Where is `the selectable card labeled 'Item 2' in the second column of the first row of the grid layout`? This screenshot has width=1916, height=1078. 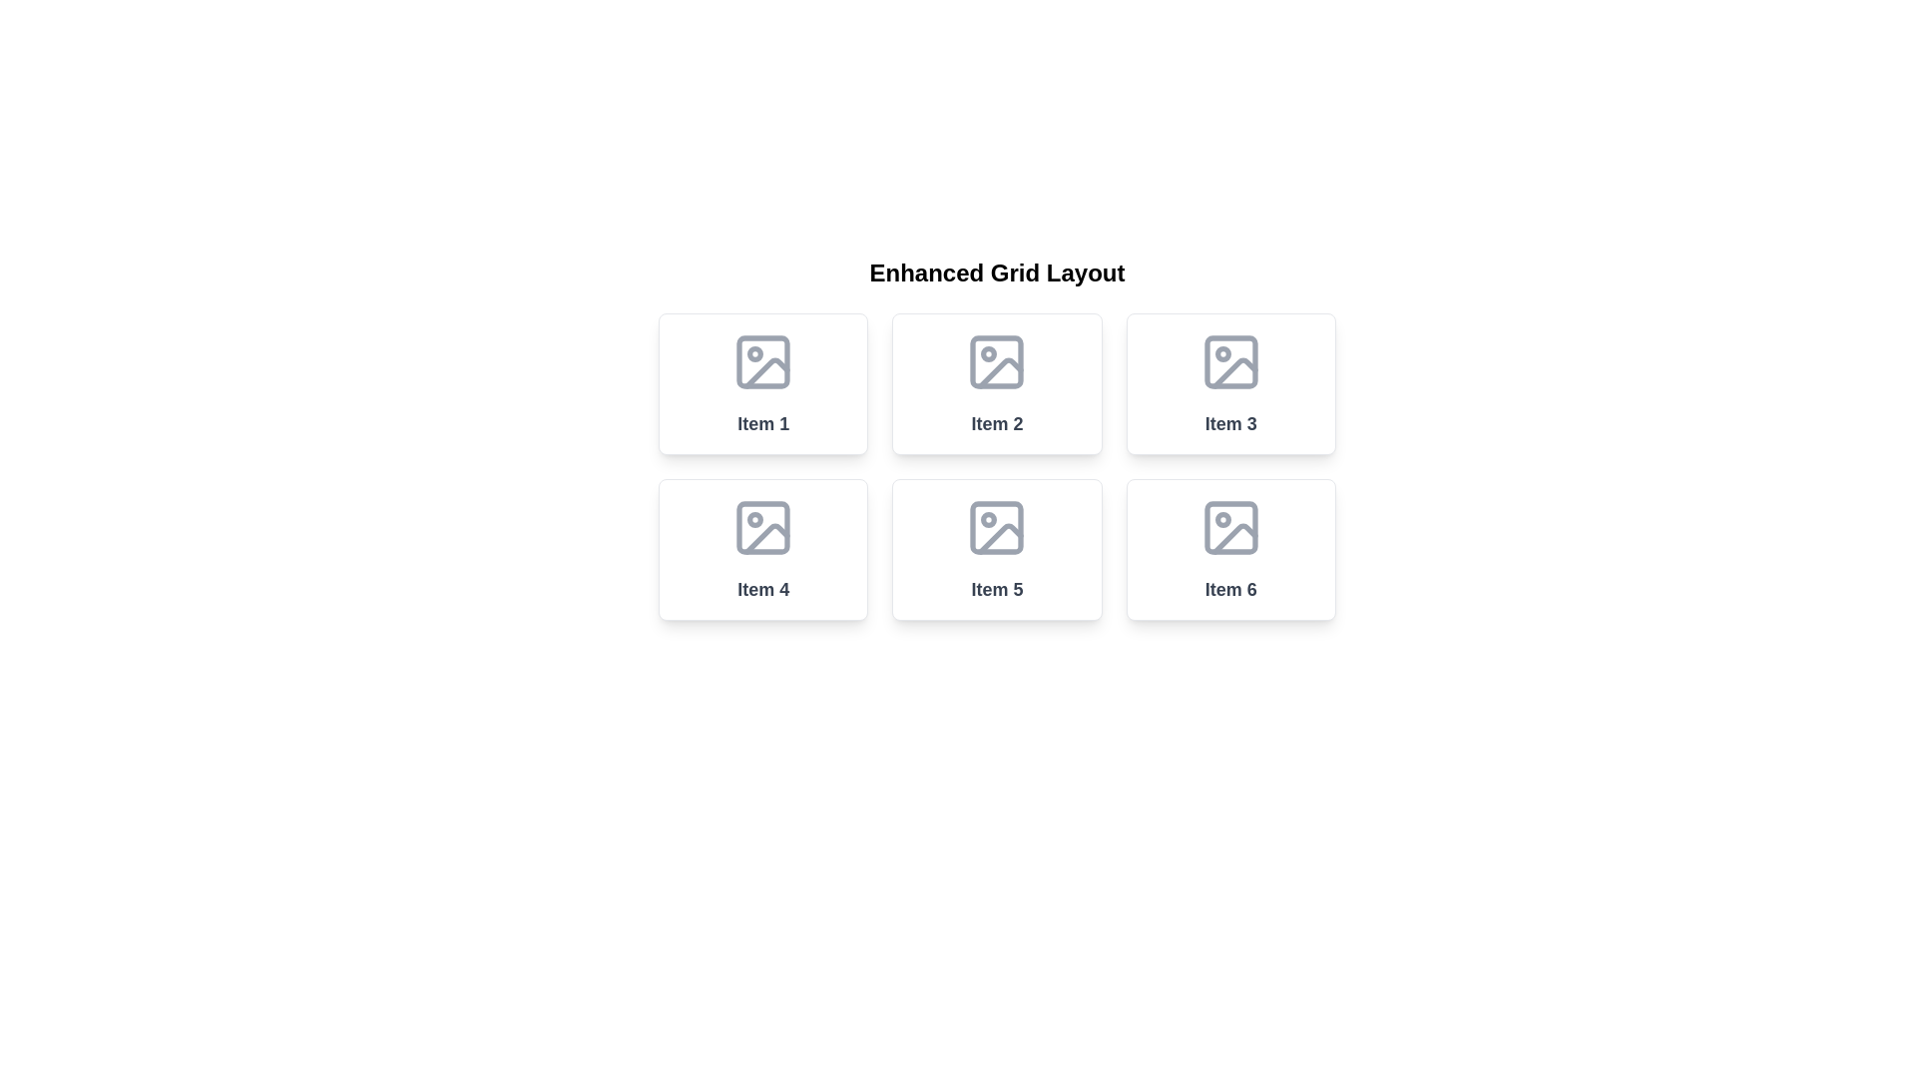
the selectable card labeled 'Item 2' in the second column of the first row of the grid layout is located at coordinates (997, 384).